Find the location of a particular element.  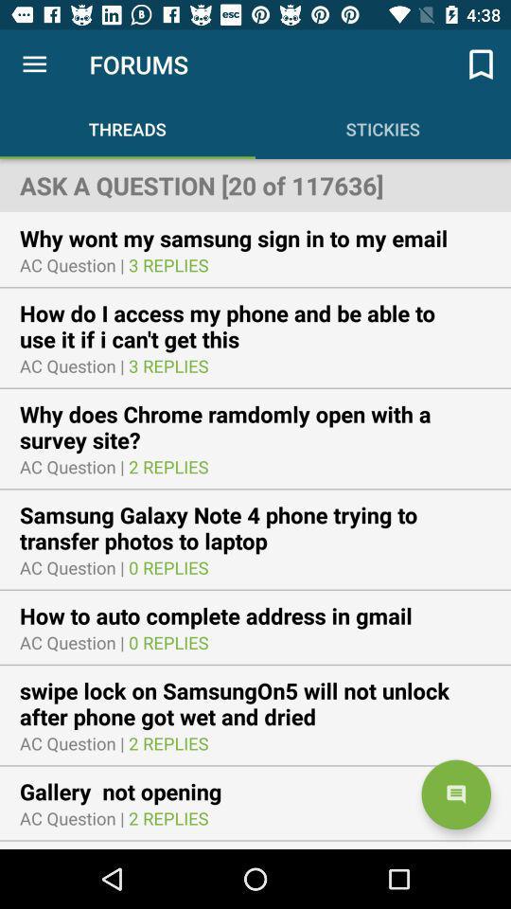

the icon above ac question |  item is located at coordinates (246, 237).